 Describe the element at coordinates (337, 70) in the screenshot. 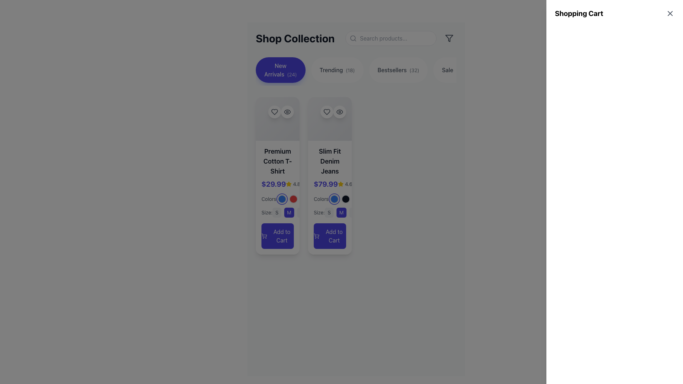

I see `the 'Trending' button, which is the second button in a series of four` at that location.